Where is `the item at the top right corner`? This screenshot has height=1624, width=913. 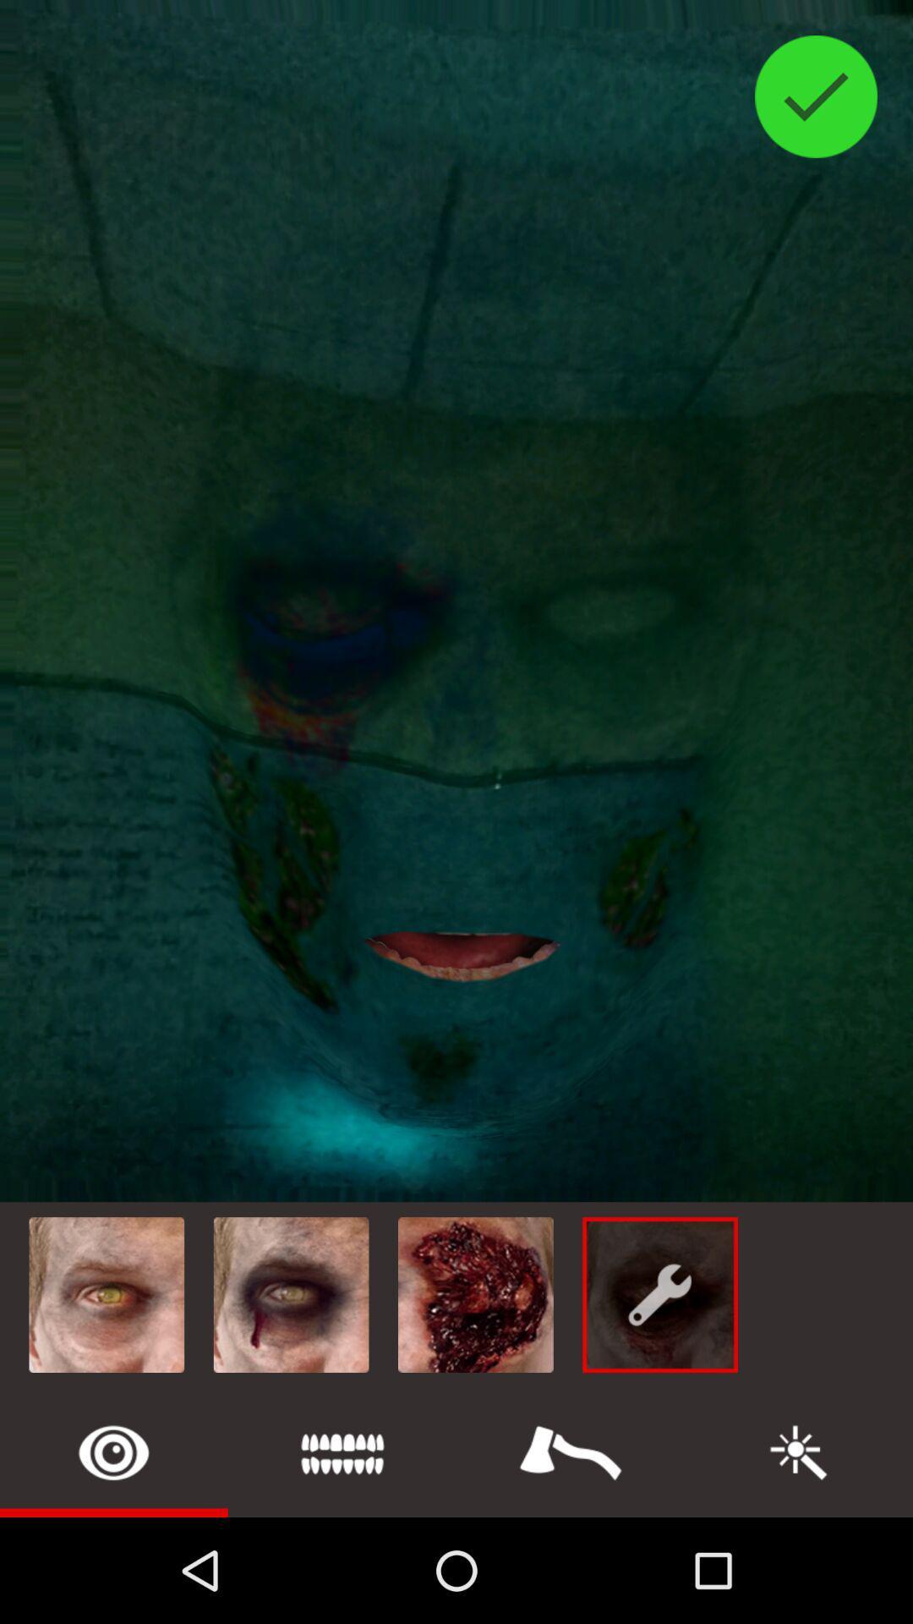 the item at the top right corner is located at coordinates (815, 96).